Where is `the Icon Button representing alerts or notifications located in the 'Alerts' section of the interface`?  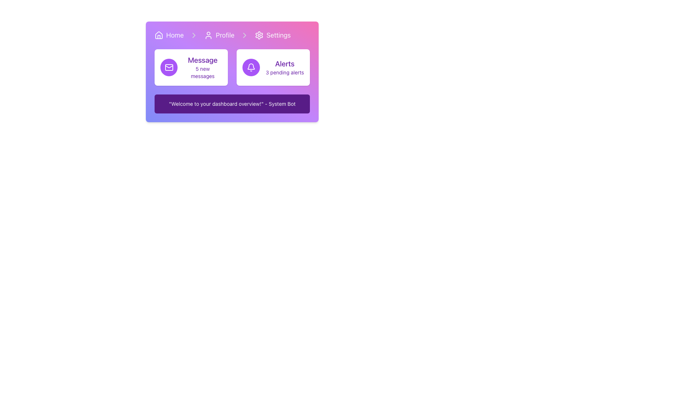 the Icon Button representing alerts or notifications located in the 'Alerts' section of the interface is located at coordinates (251, 67).